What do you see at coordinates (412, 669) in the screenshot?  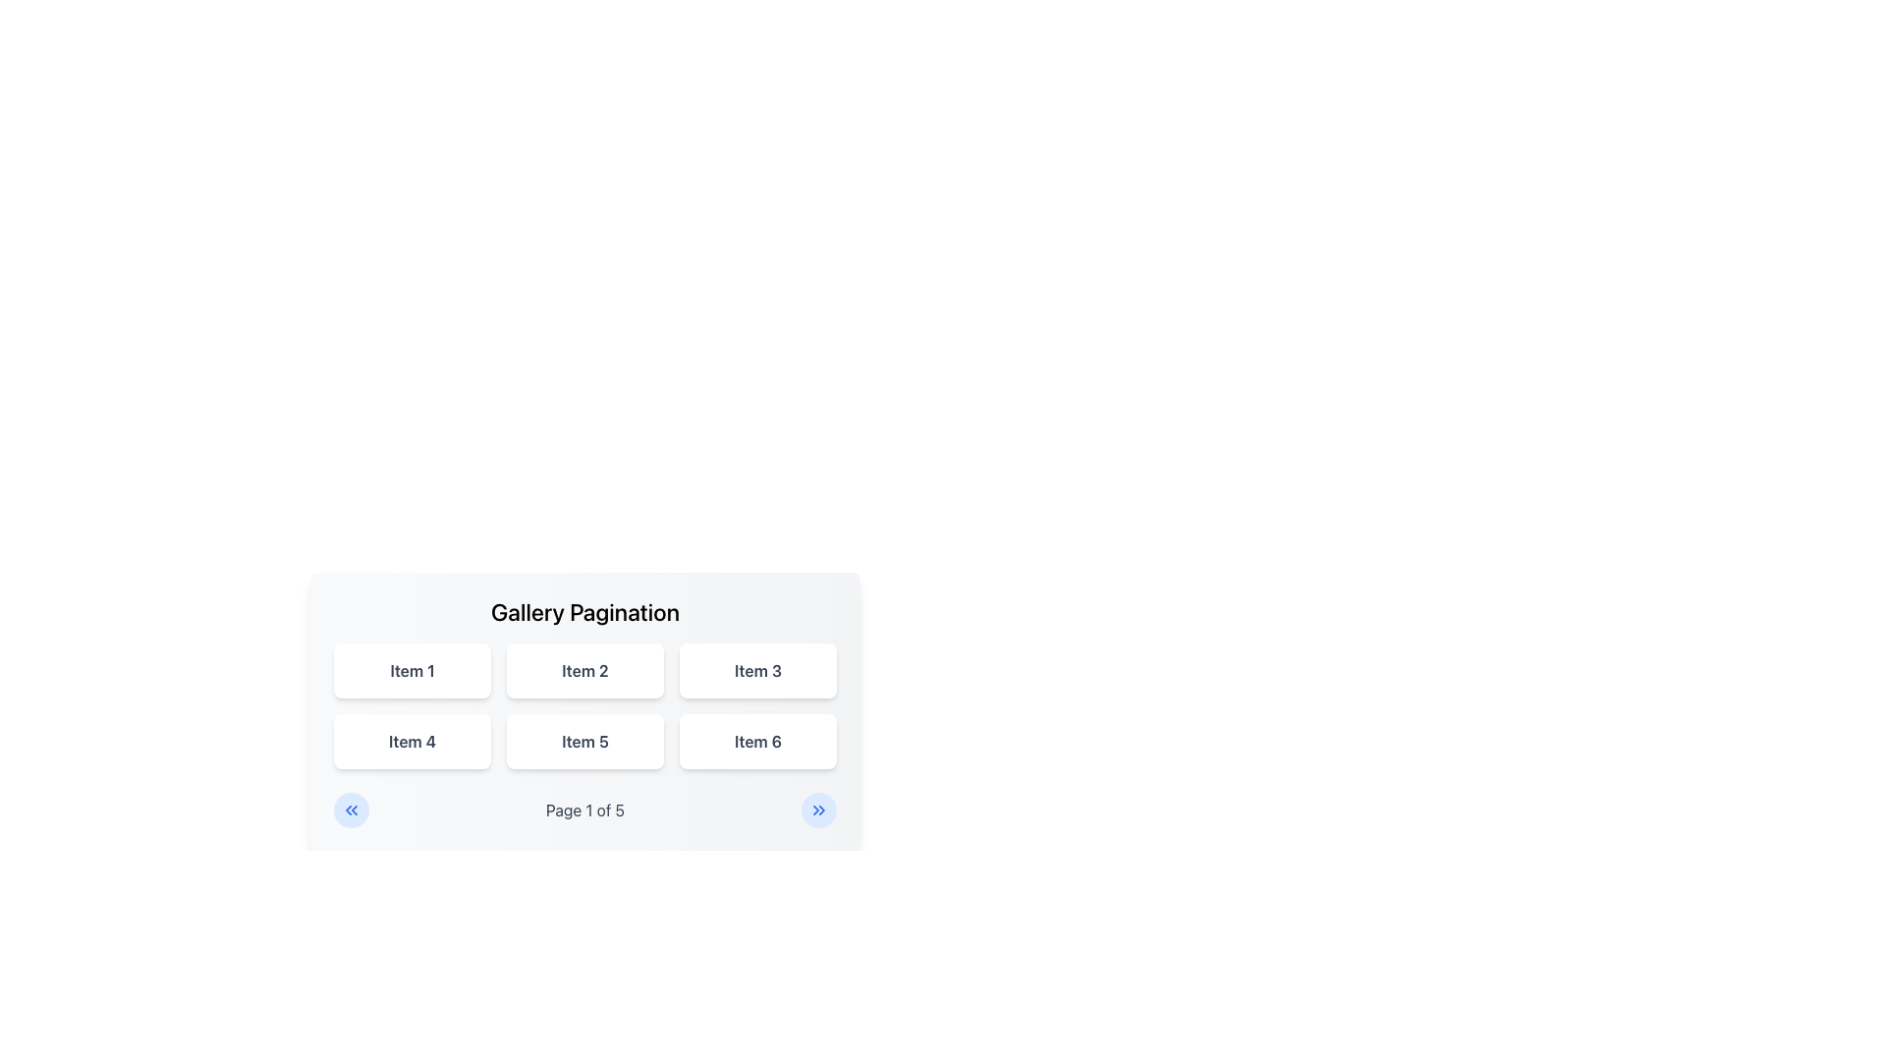 I see `the non-interactive rectangular display card that contains 'Item 1', located in the top-left corner of the grid` at bounding box center [412, 669].